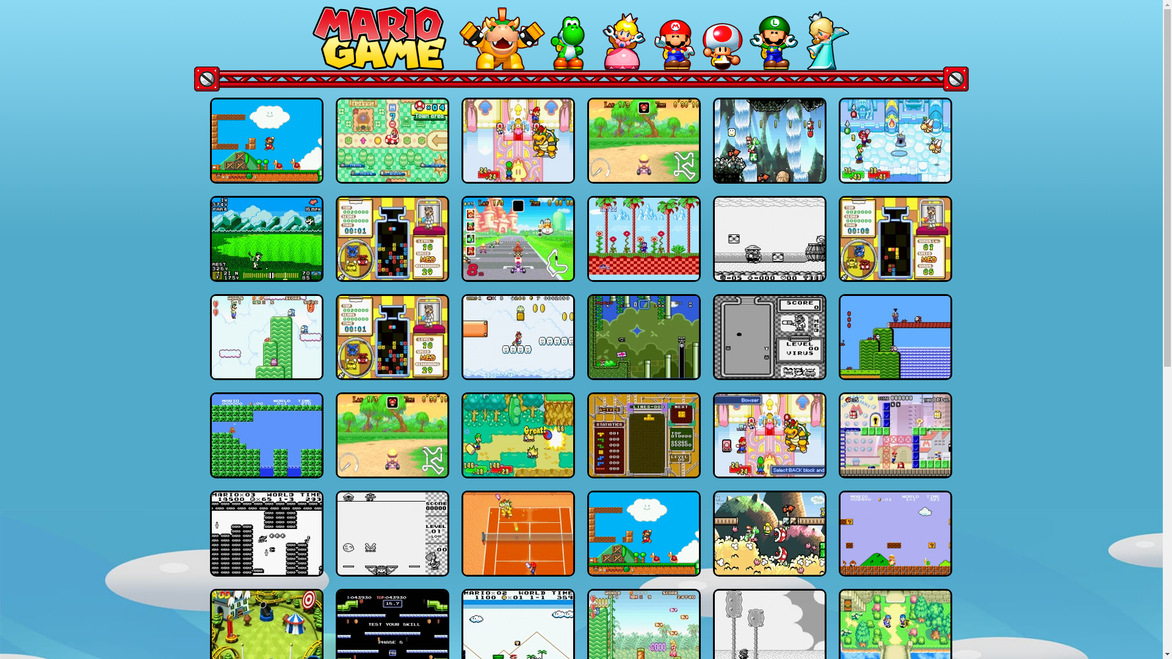  What do you see at coordinates (518, 433) in the screenshot?
I see `'Mario & Luigi RPG'` at bounding box center [518, 433].